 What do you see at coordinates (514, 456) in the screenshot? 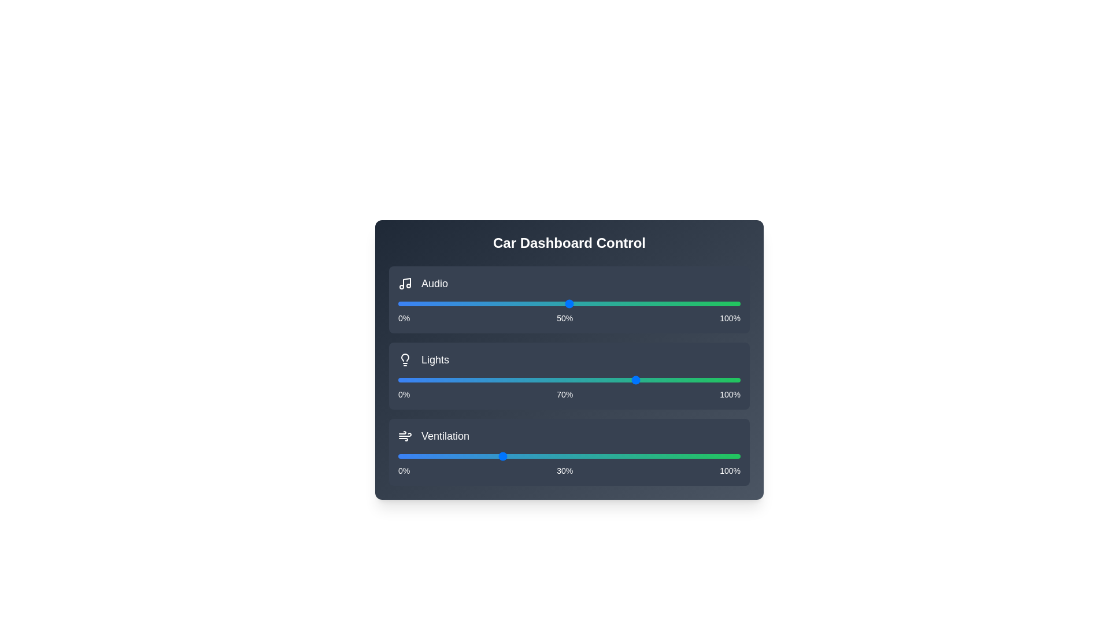
I see `the ventilation slider to 34%` at bounding box center [514, 456].